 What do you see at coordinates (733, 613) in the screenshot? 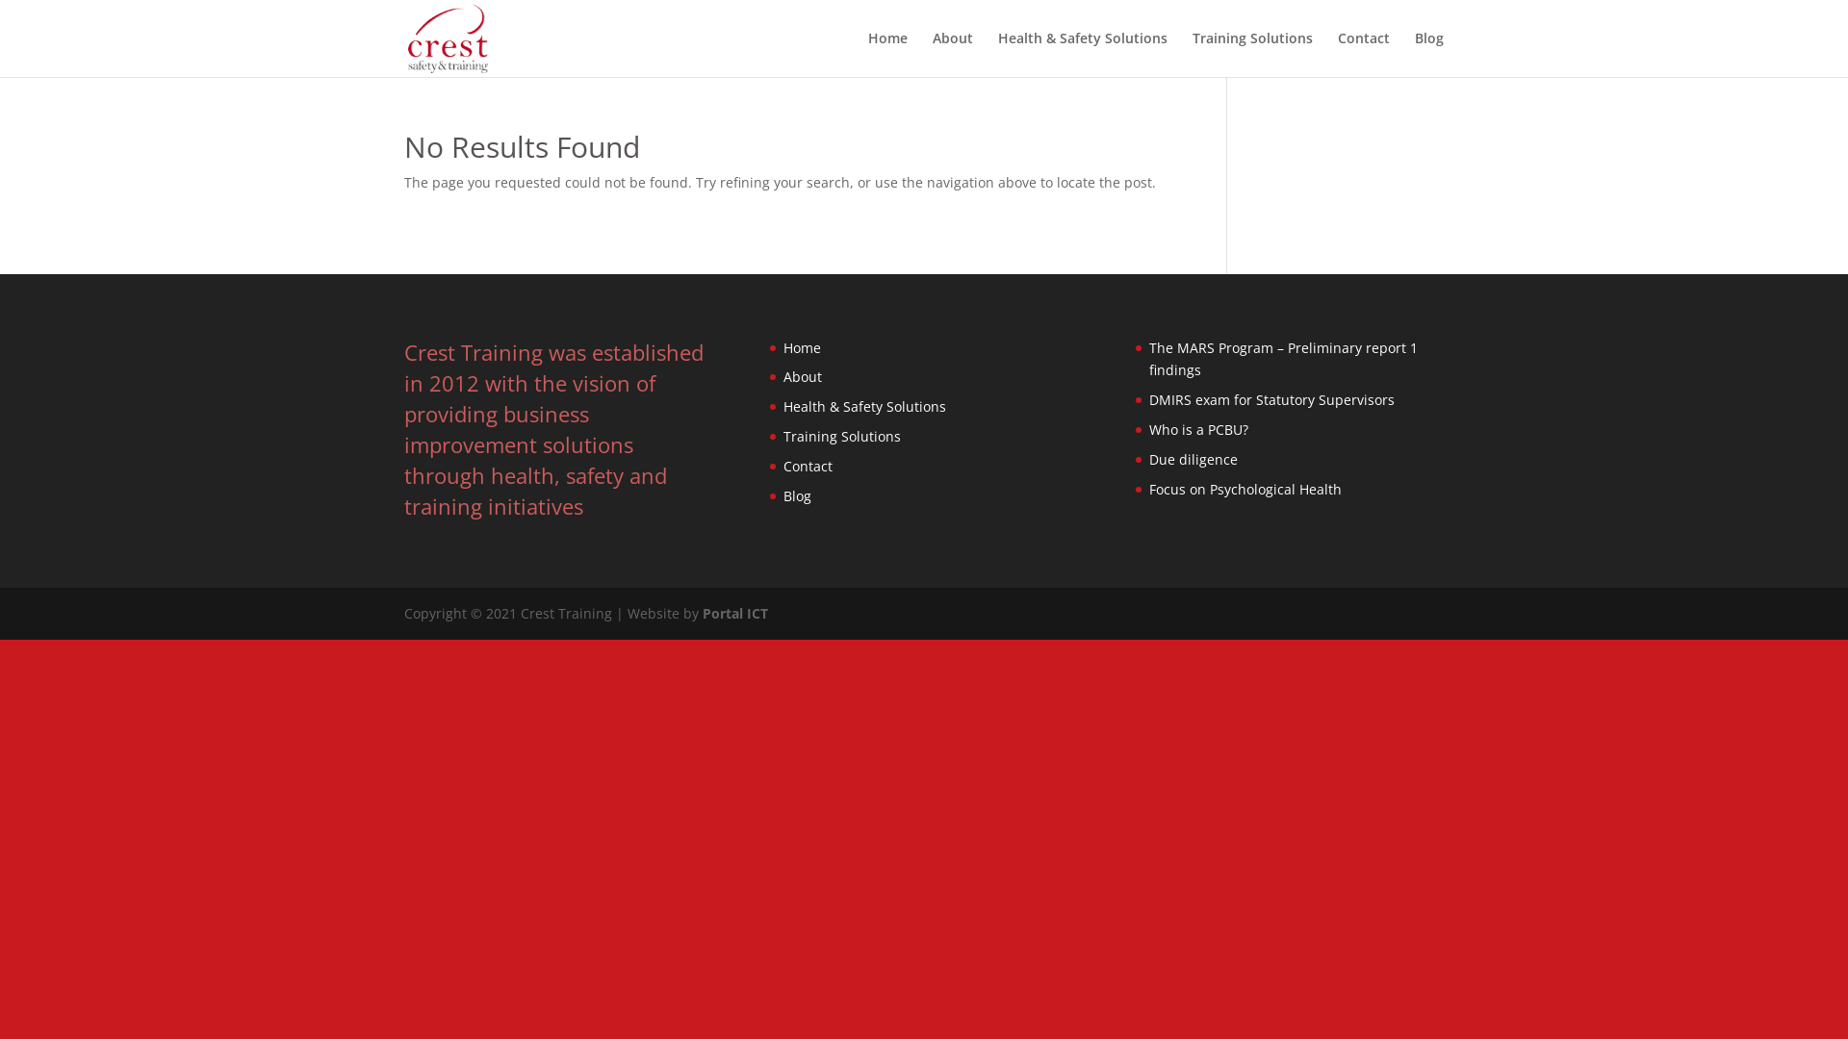
I see `'Portal ICT'` at bounding box center [733, 613].